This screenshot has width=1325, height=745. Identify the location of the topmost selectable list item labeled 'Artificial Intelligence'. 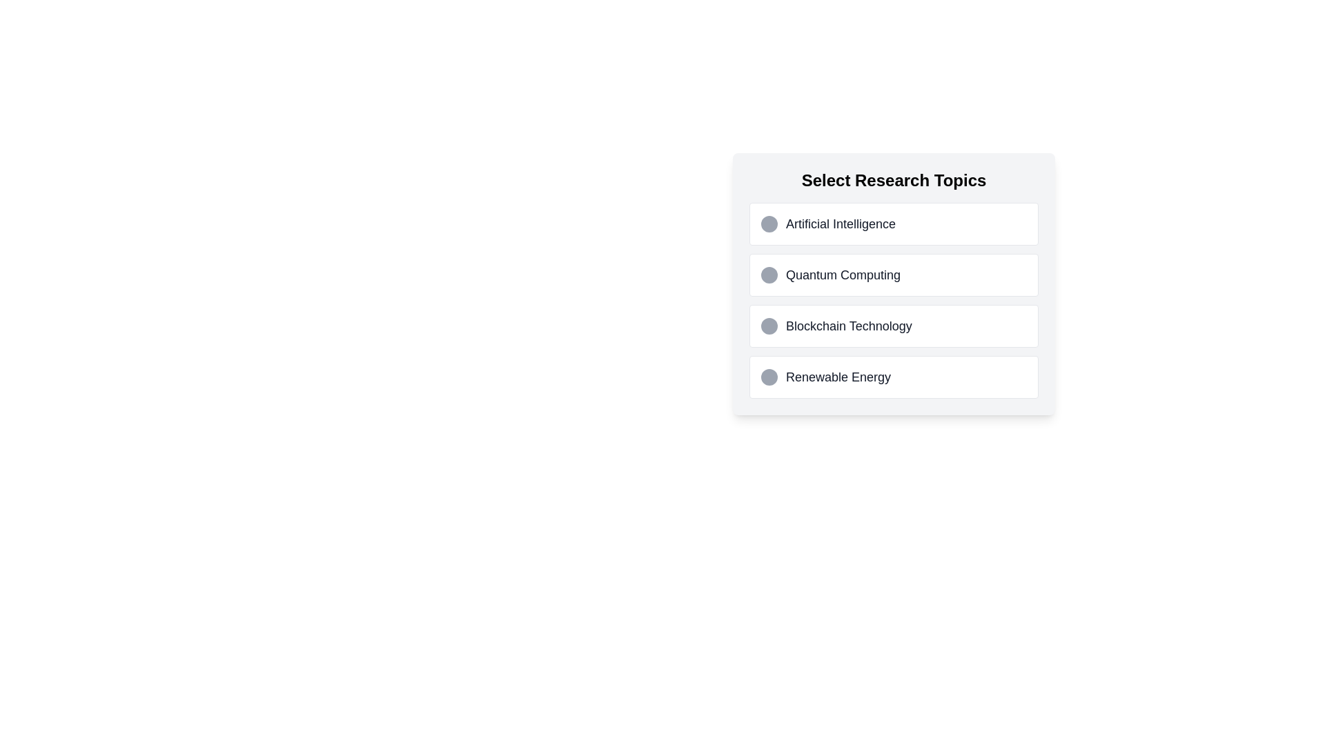
(828, 223).